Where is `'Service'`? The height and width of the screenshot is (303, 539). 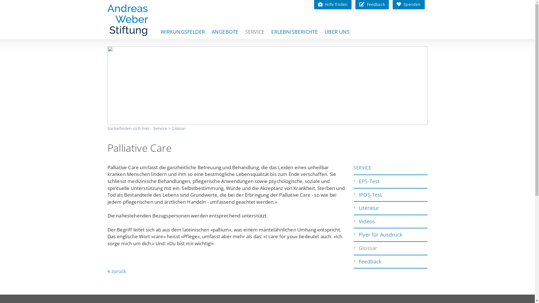
'Service' is located at coordinates (160, 128).